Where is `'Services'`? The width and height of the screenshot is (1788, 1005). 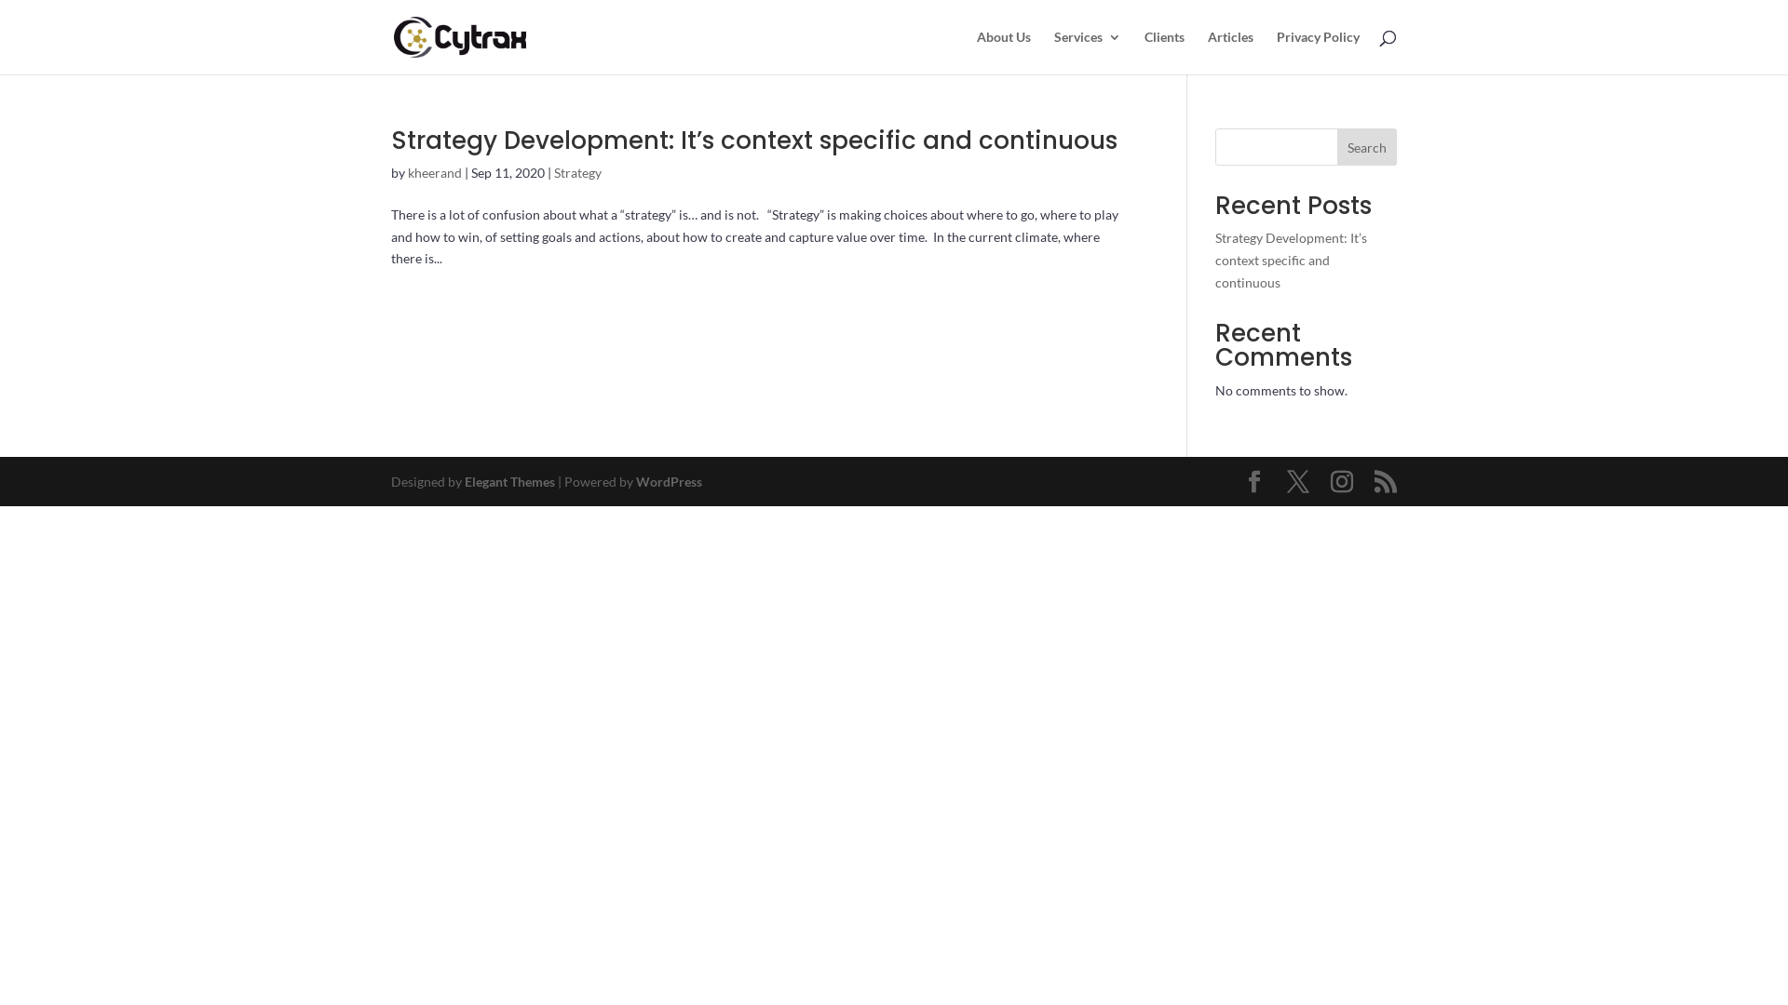 'Services' is located at coordinates (1087, 51).